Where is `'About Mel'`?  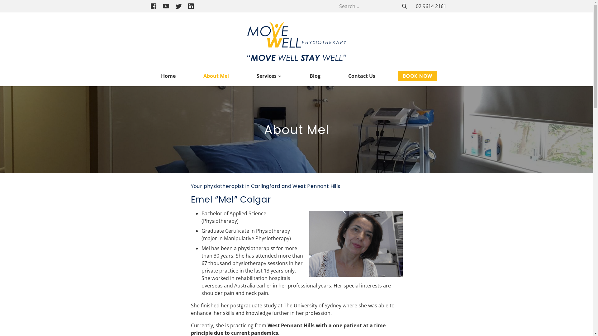 'About Mel' is located at coordinates (216, 75).